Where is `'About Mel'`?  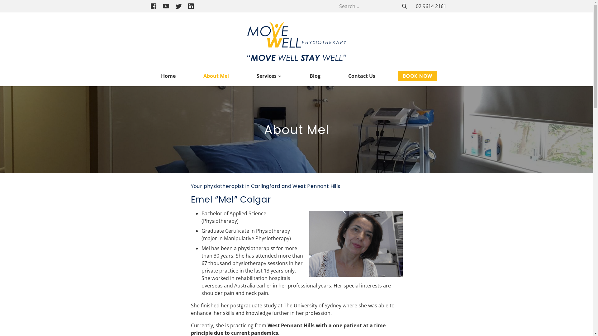 'About Mel' is located at coordinates (216, 75).